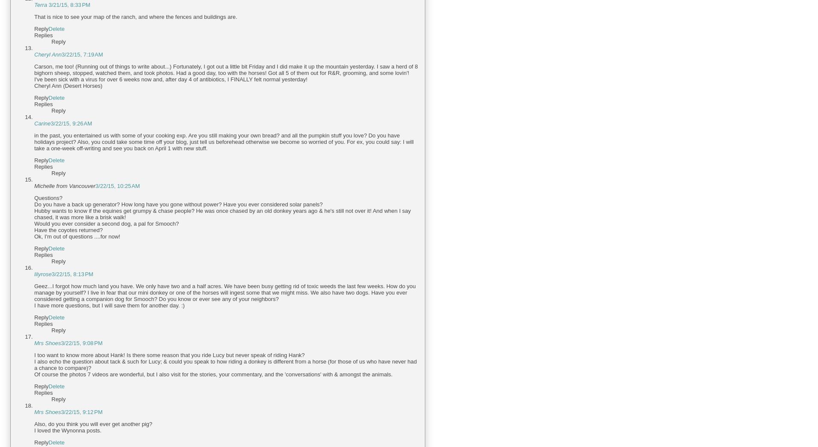 Image resolution: width=818 pixels, height=447 pixels. Describe the element at coordinates (67, 430) in the screenshot. I see `'I loved the Wynonna posts.'` at that location.